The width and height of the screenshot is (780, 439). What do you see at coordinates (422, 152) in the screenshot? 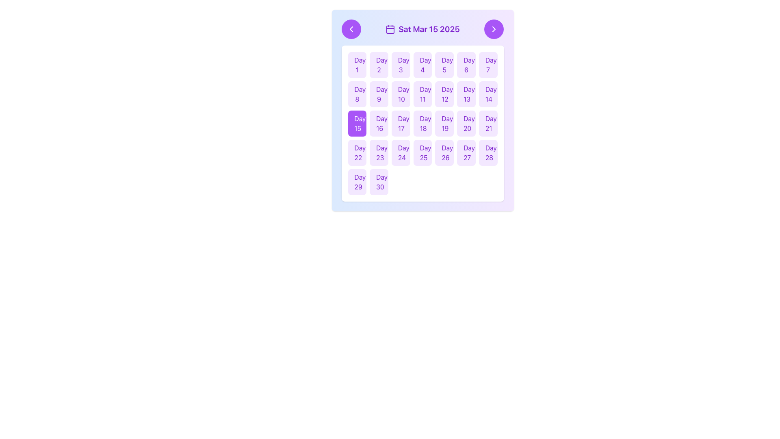
I see `the calendar button representing Day 25` at bounding box center [422, 152].